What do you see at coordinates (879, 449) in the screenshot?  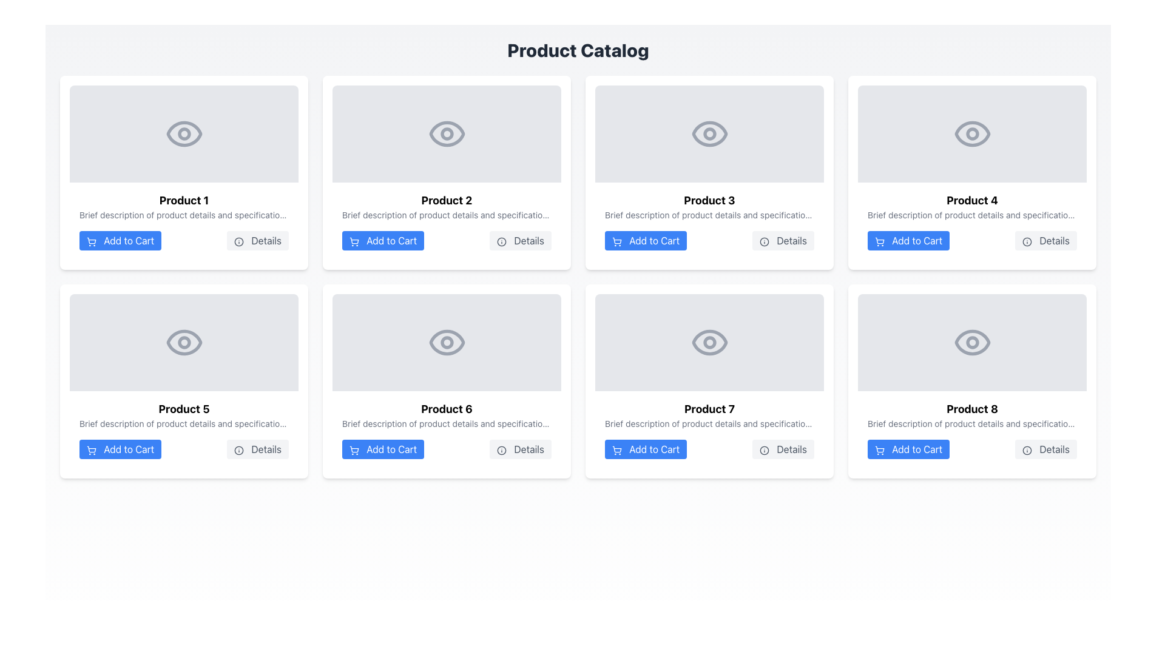 I see `vector graphic representing the main body of the shopping cart icon within the 'Add to Cart' button for Product 8` at bounding box center [879, 449].